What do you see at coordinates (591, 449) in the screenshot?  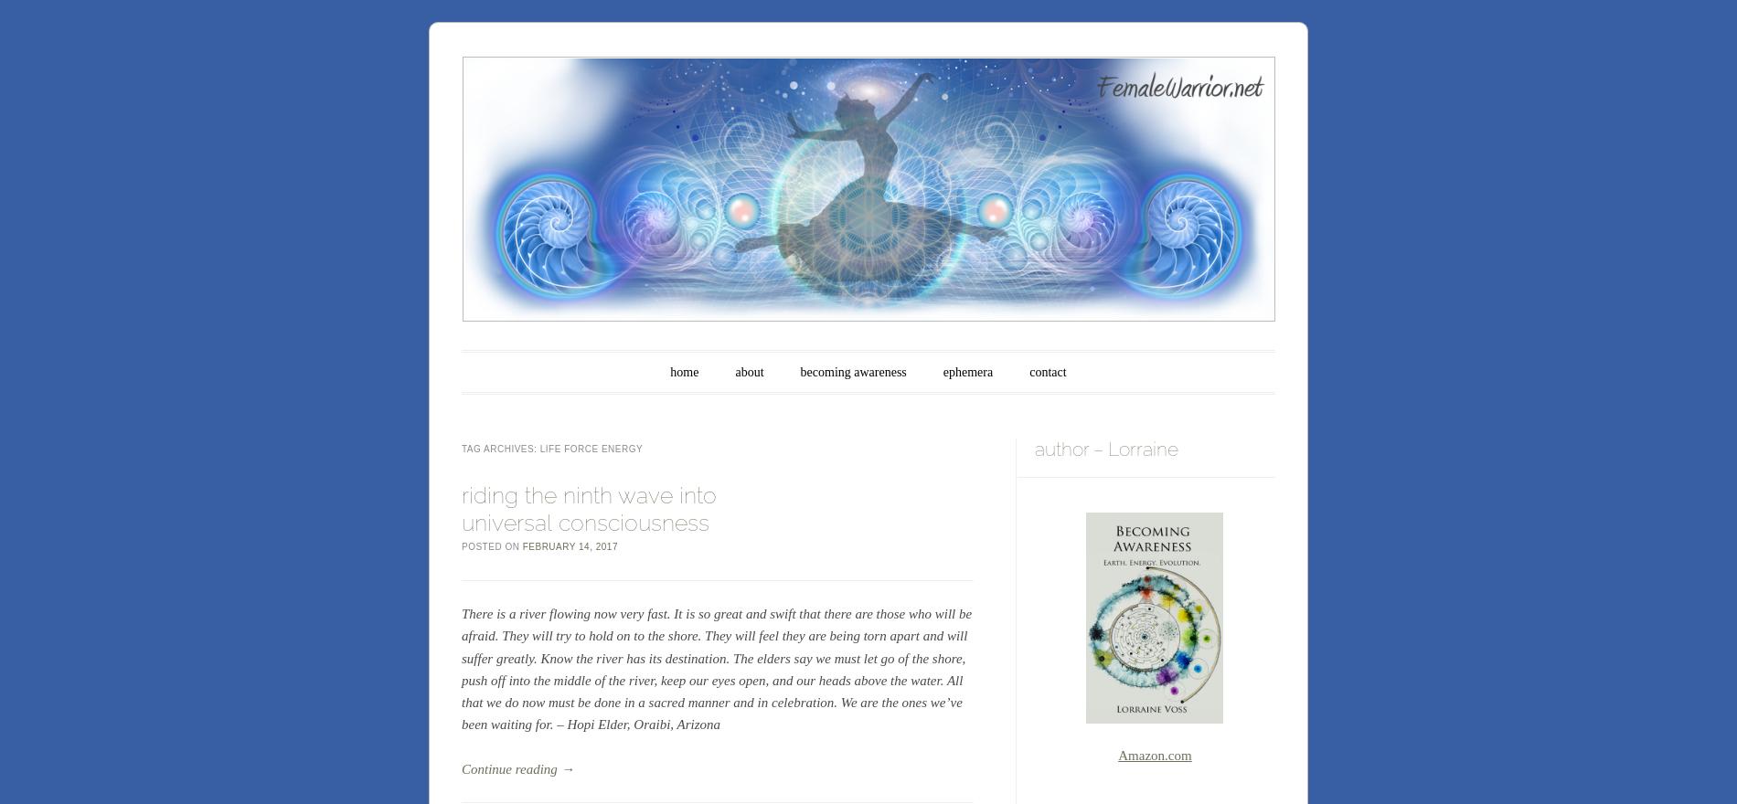 I see `'life force energy'` at bounding box center [591, 449].